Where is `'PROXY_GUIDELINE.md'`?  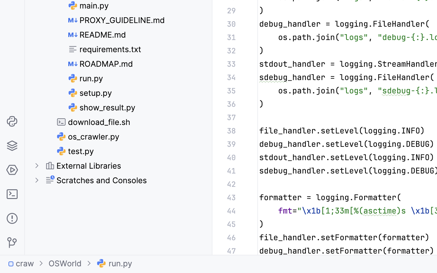
'PROXY_GUIDELINE.md' is located at coordinates (117, 19).